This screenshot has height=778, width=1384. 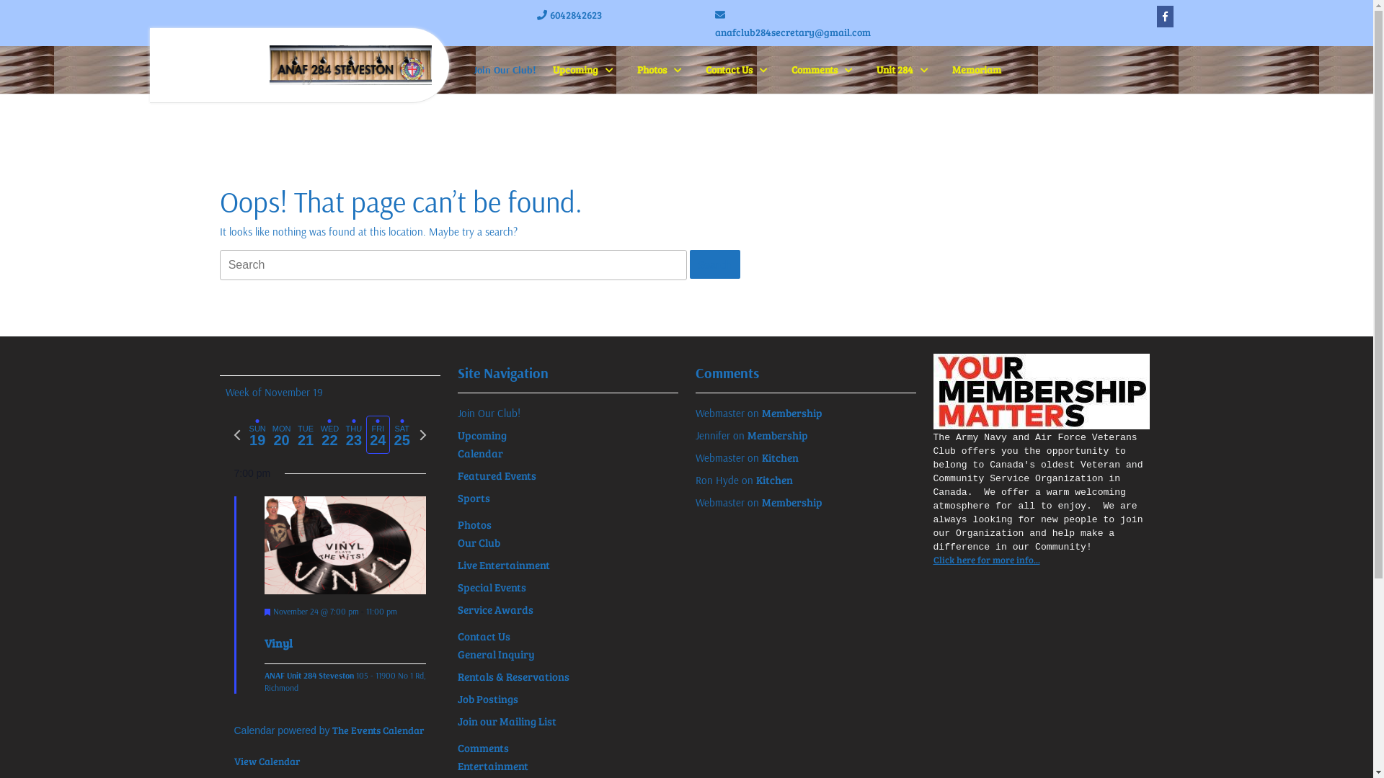 What do you see at coordinates (266, 760) in the screenshot?
I see `'View Calendar'` at bounding box center [266, 760].